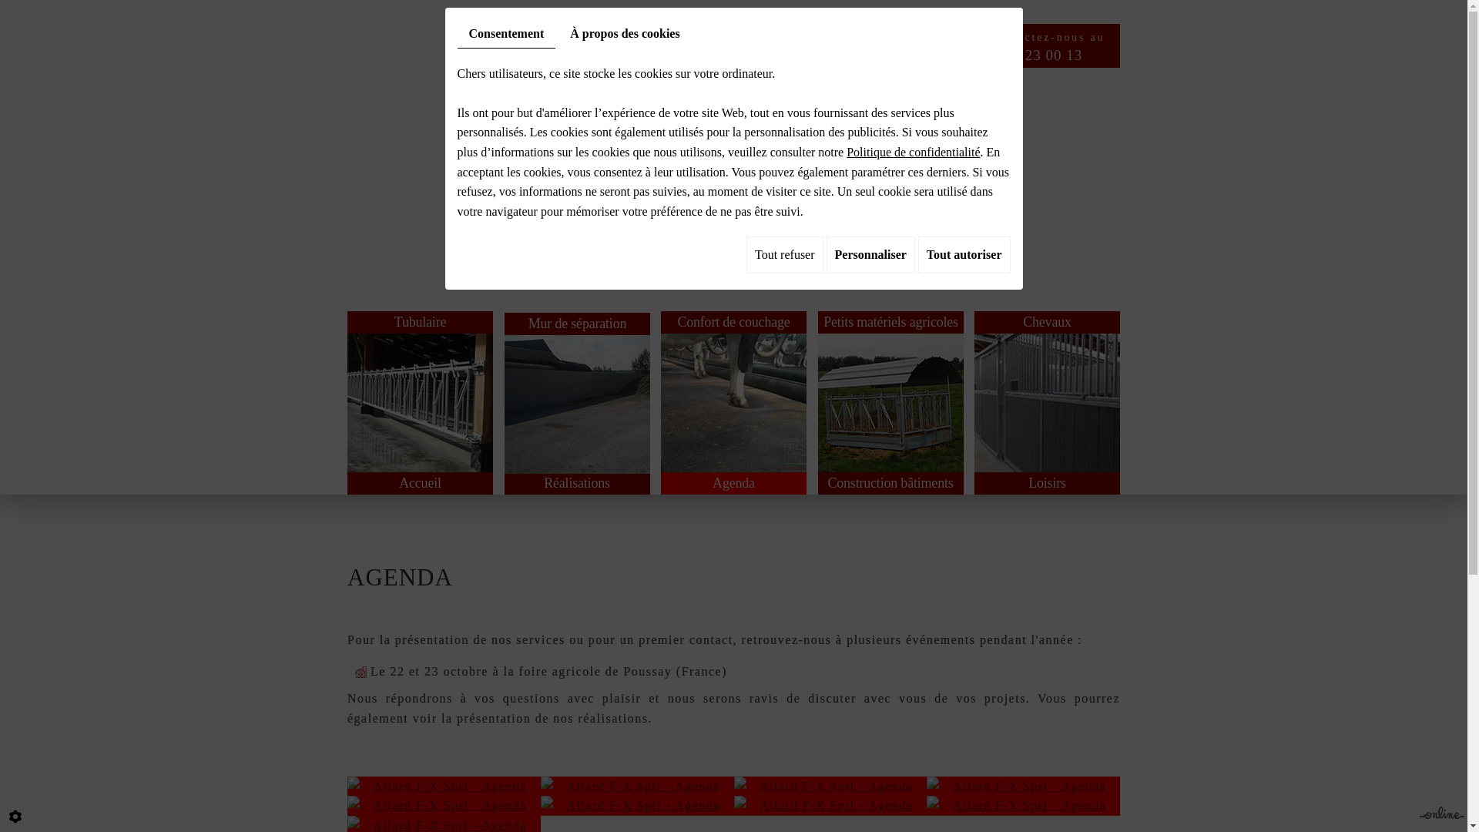 This screenshot has height=832, width=1479. Describe the element at coordinates (1053, 46) in the screenshot. I see `'Contactez-nous au` at that location.